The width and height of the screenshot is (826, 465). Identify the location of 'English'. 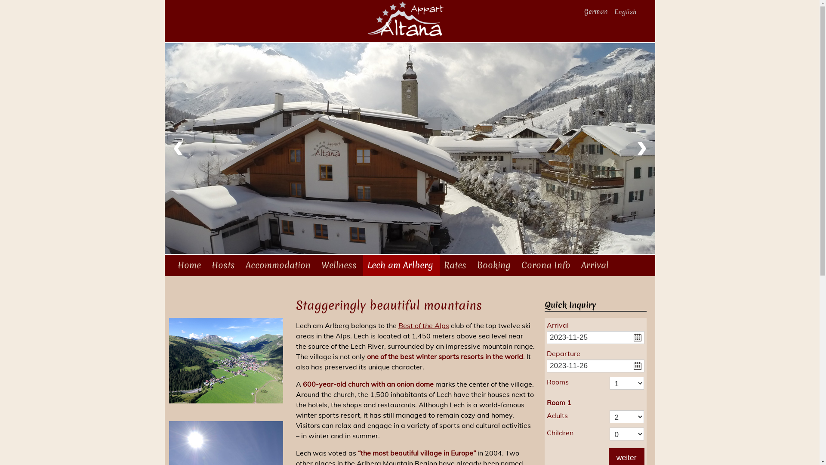
(626, 12).